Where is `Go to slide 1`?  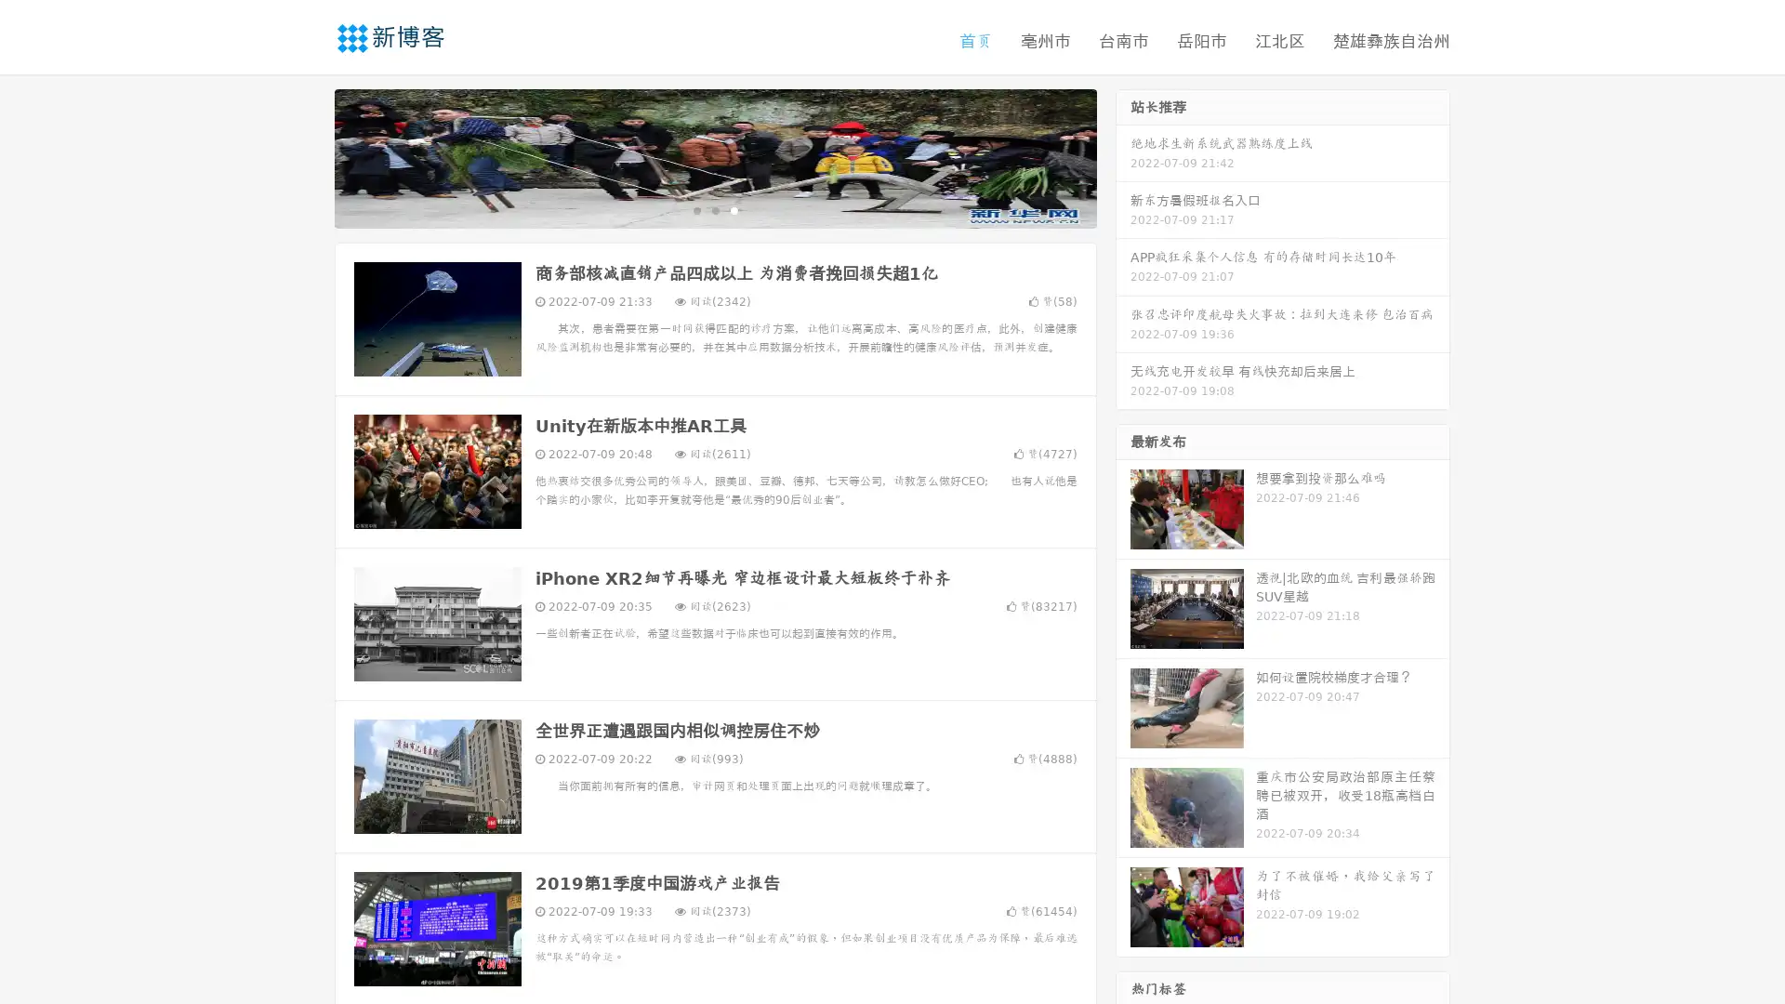
Go to slide 1 is located at coordinates (695, 209).